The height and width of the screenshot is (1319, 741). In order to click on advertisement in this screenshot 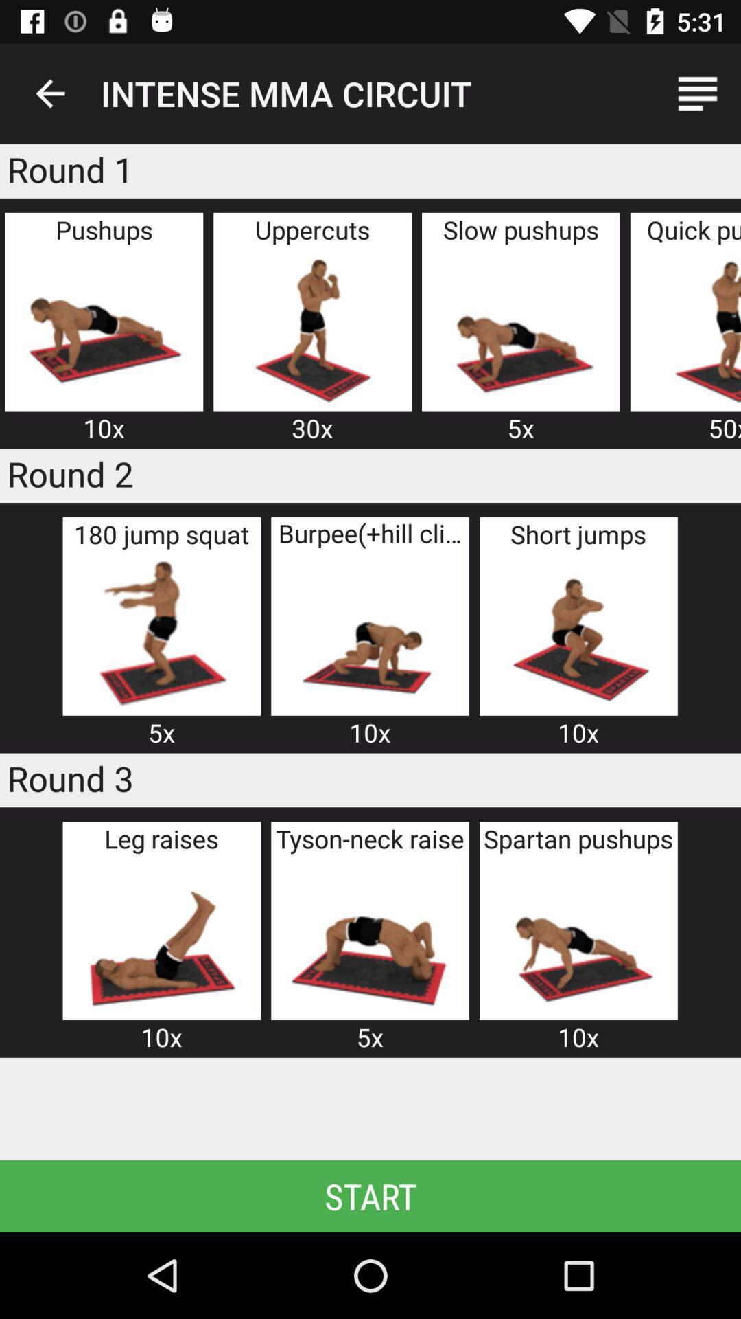, I will do `click(312, 328)`.